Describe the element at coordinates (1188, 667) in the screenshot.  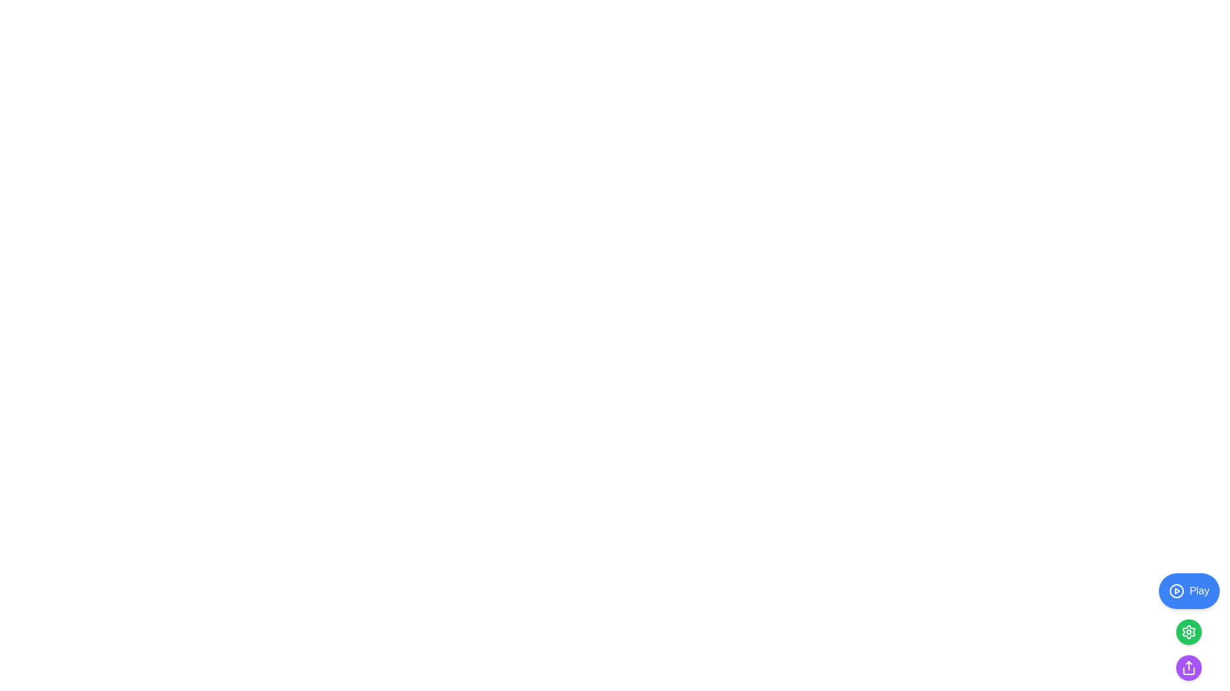
I see `the purple circular icon button with an upward arrow located in the bottom-right corner to initiate a share action` at that location.